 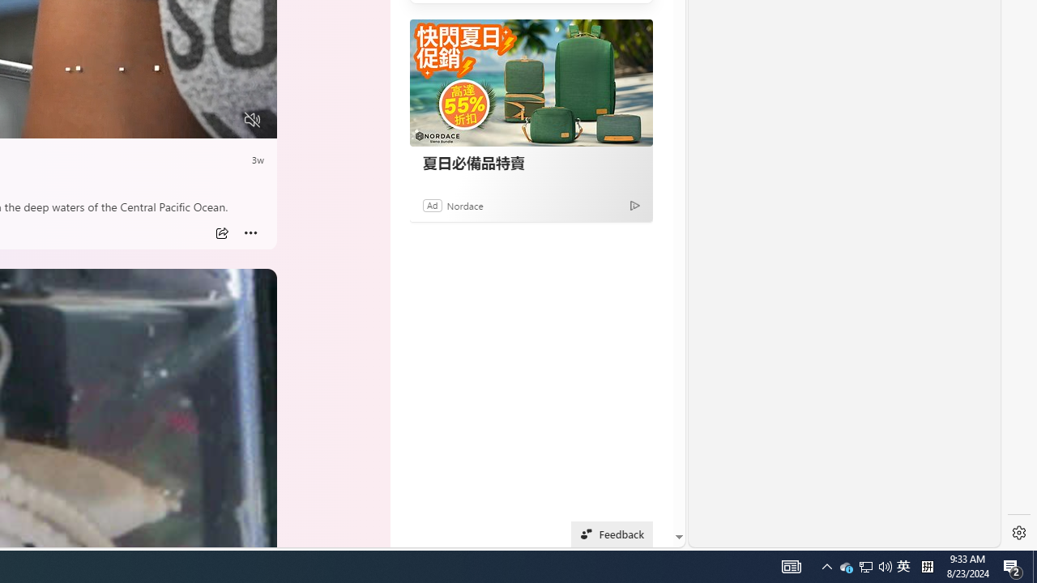 What do you see at coordinates (250, 233) in the screenshot?
I see `'Class: at-item inline-watch'` at bounding box center [250, 233].